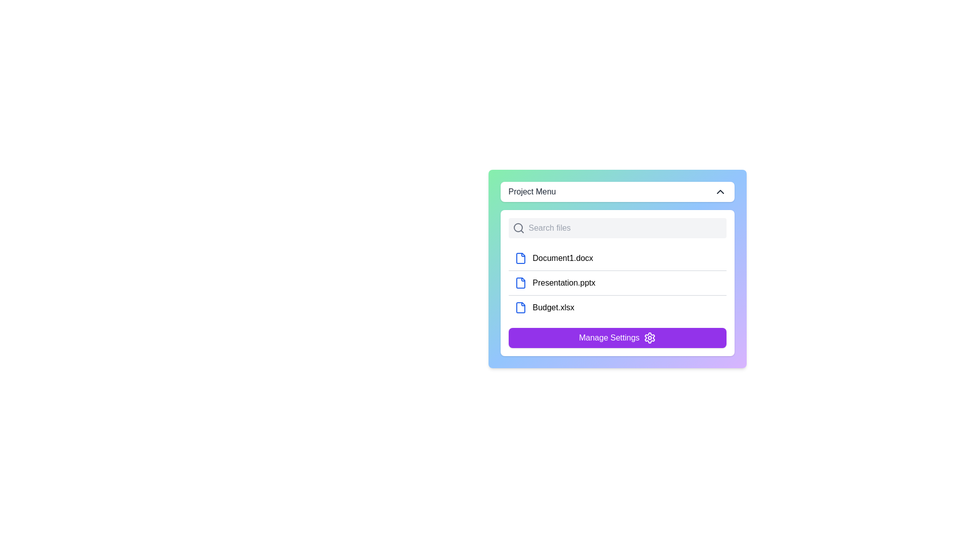  Describe the element at coordinates (617, 283) in the screenshot. I see `the 'Presentation.pptx' file listed as the second item` at that location.